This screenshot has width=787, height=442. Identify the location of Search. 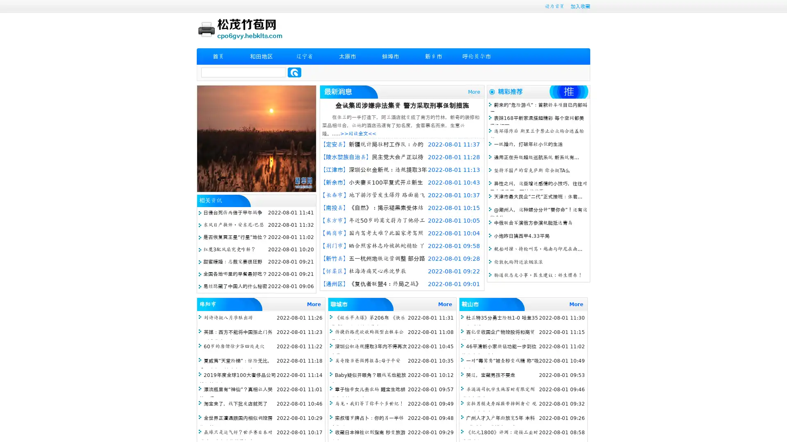
(294, 72).